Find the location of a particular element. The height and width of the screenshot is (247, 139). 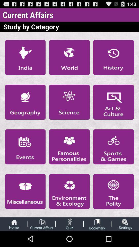

science category is located at coordinates (69, 102).